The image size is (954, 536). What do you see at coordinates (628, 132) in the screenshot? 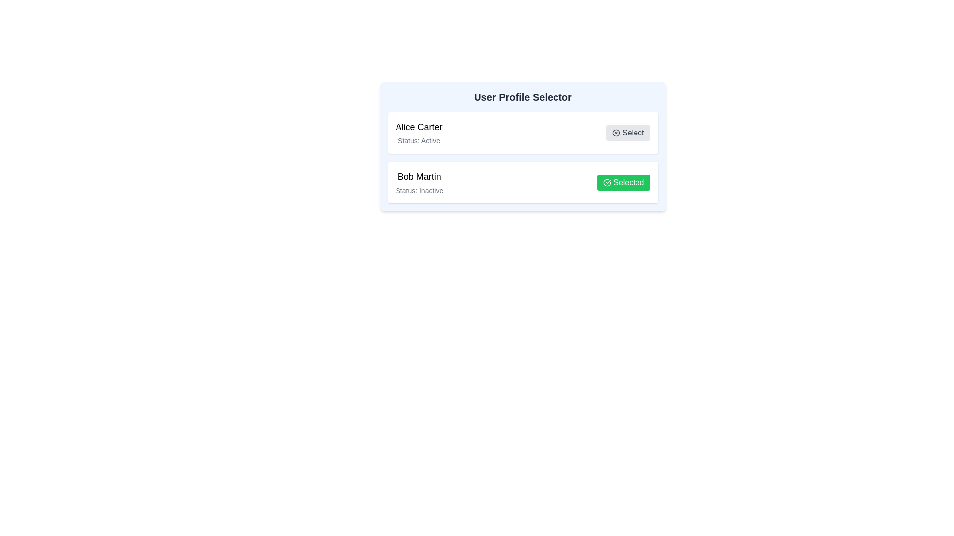
I see `the user profile identified by Alice Carter` at bounding box center [628, 132].